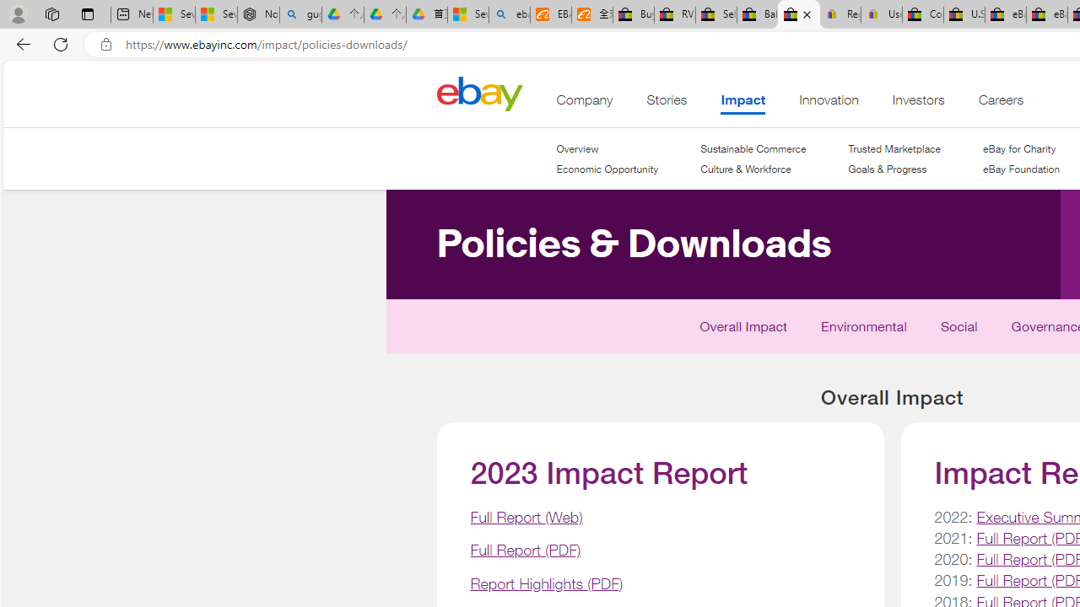 The width and height of the screenshot is (1080, 607). Describe the element at coordinates (881, 14) in the screenshot. I see `'User Privacy Notice | eBay'` at that location.